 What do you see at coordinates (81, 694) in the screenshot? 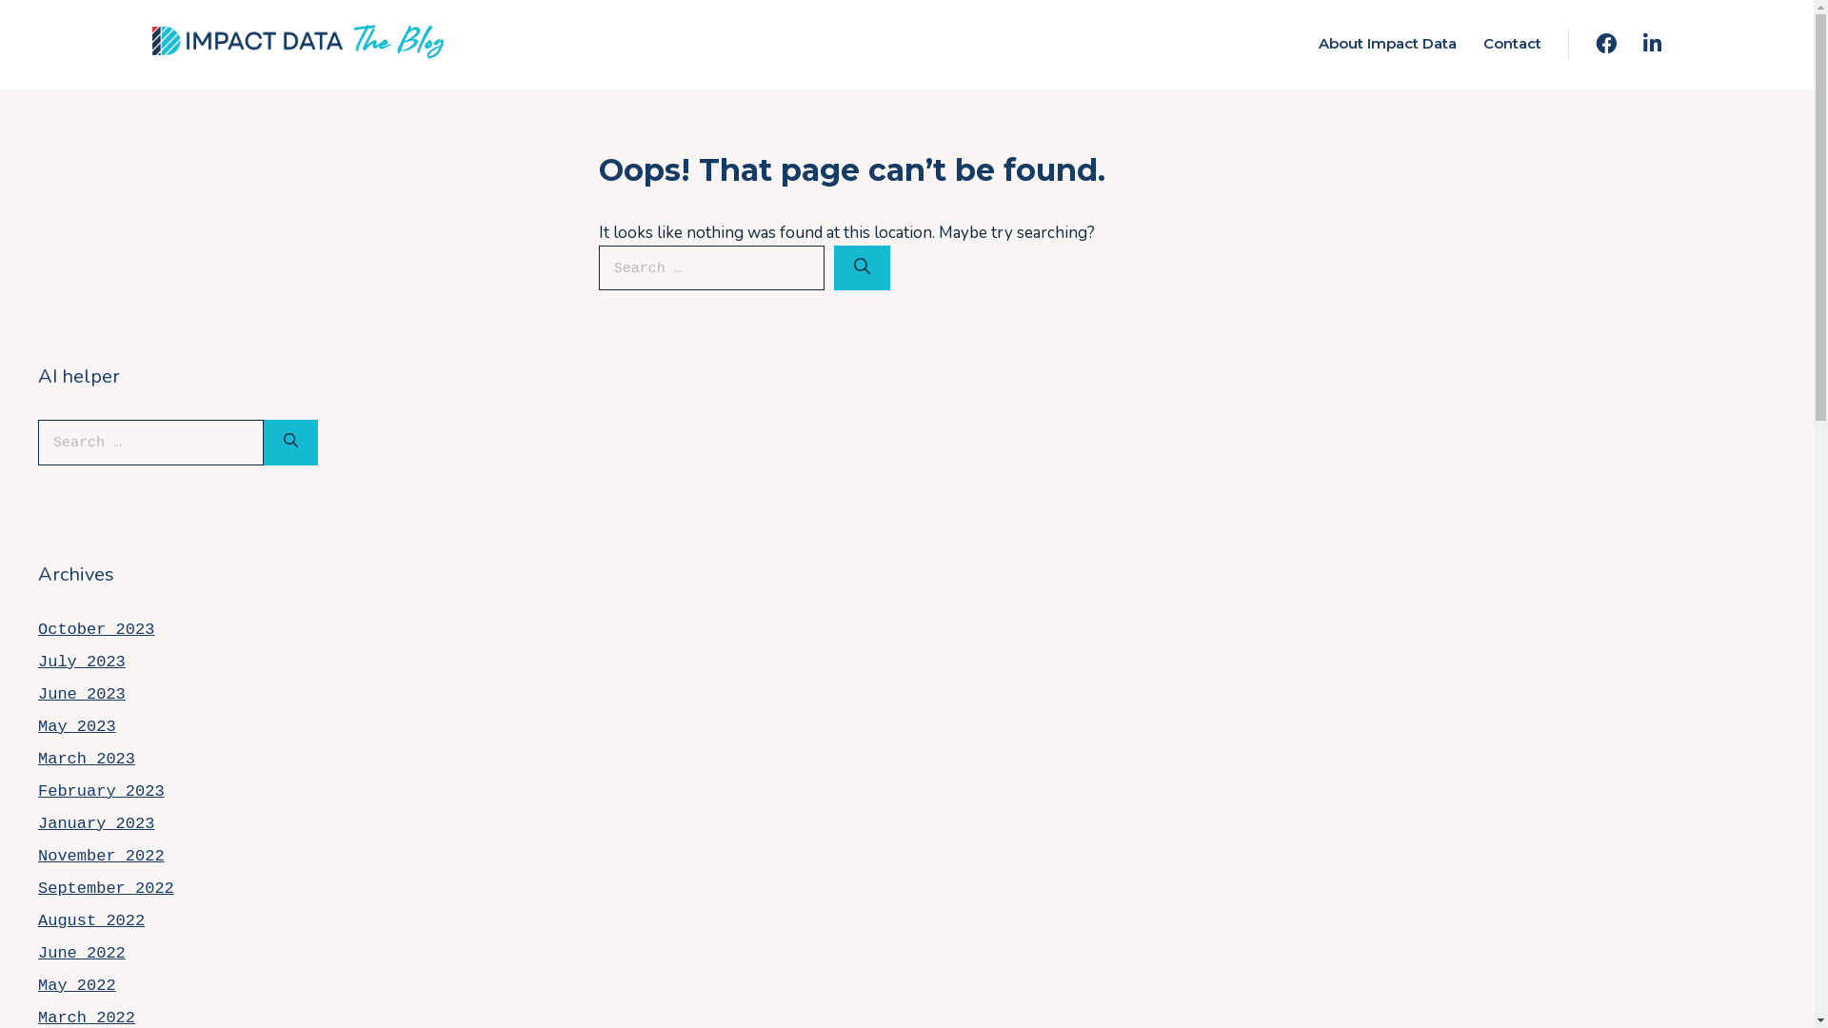
I see `'June 2023'` at bounding box center [81, 694].